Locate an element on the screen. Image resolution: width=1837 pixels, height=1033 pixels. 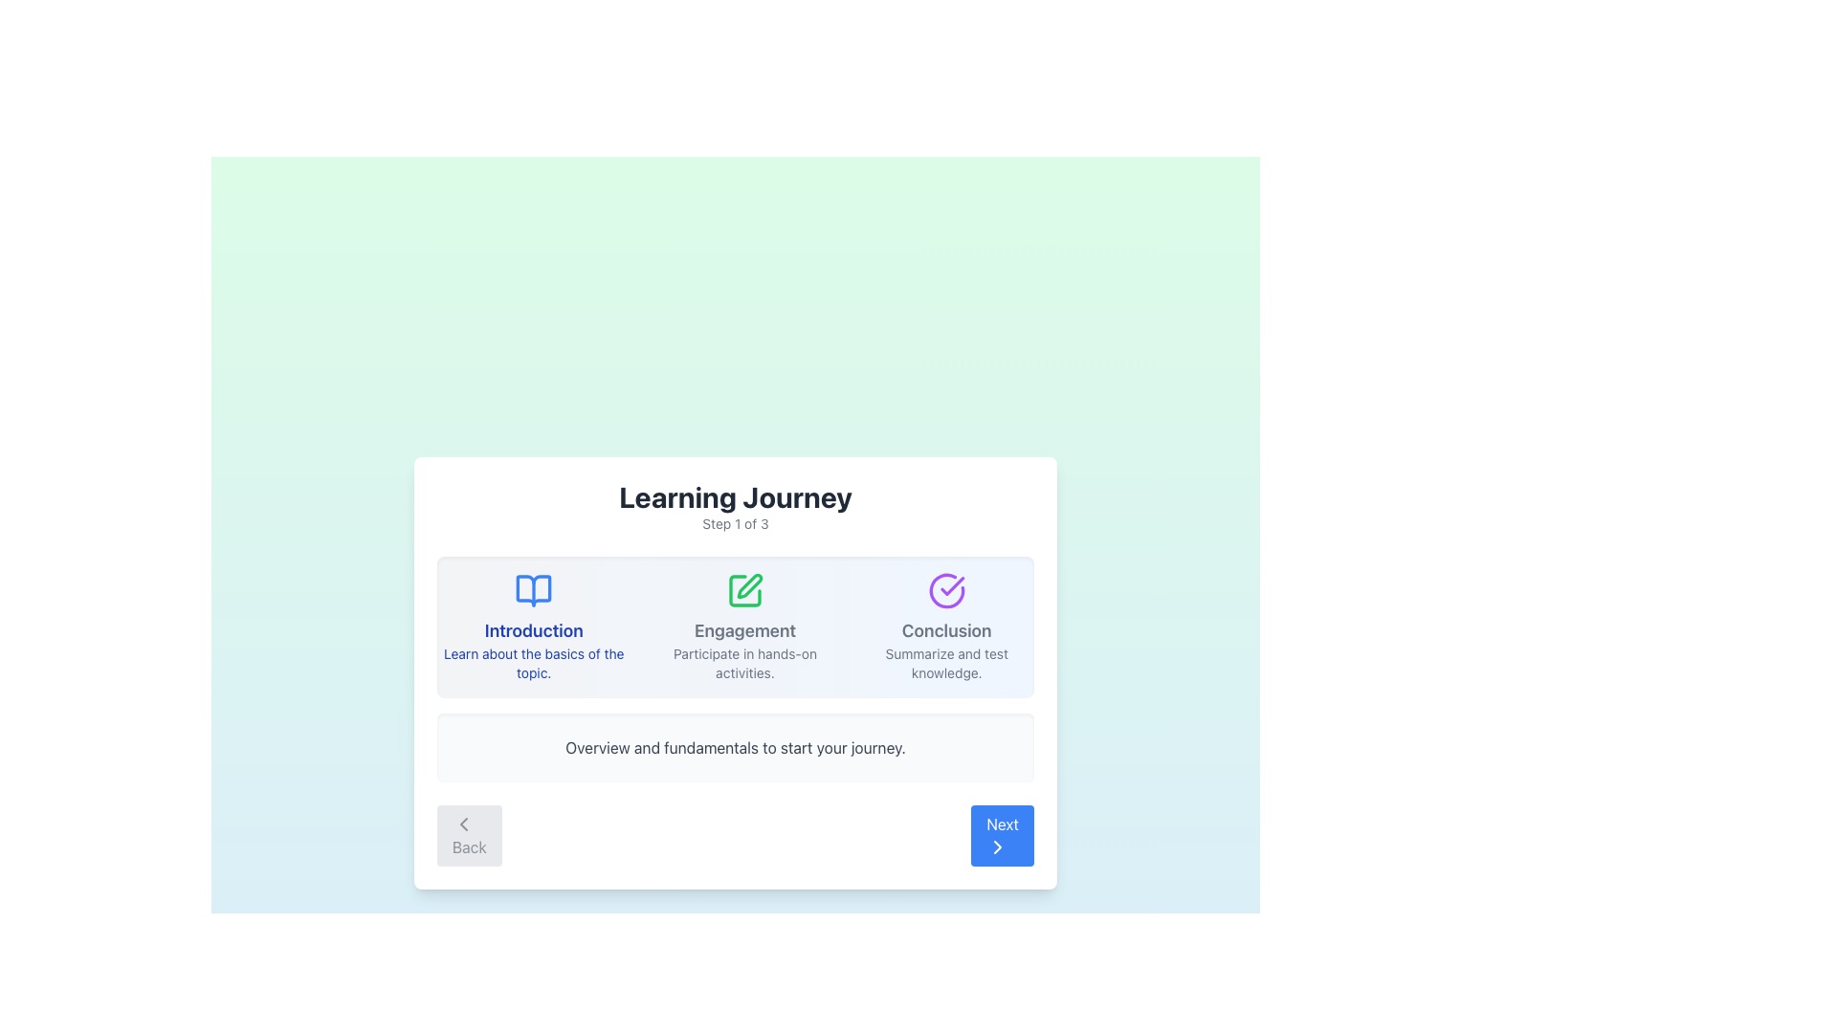
the 'Next' button located at the far-right side of the bottom navigation bar is located at coordinates (1002, 835).